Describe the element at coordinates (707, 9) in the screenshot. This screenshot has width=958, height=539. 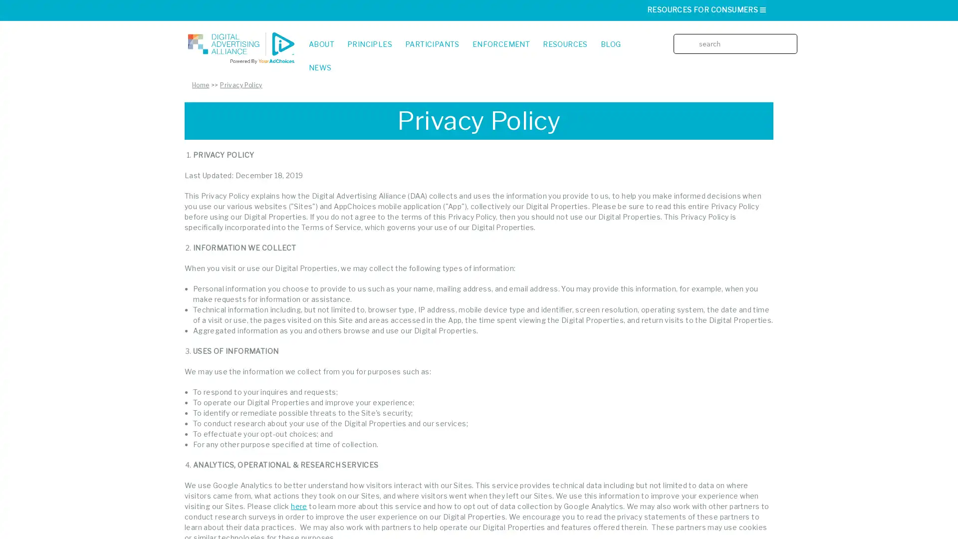
I see `RESOURCES FOR CONSUMERS` at that location.